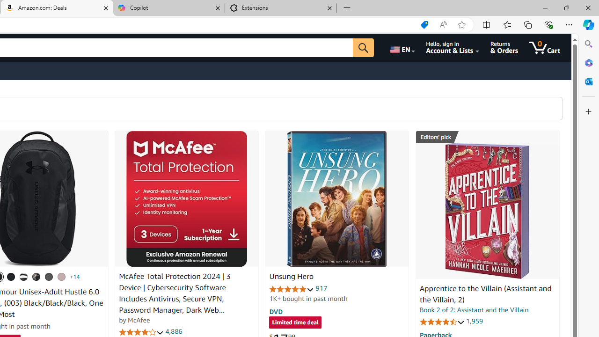 This screenshot has height=337, width=599. Describe the element at coordinates (321, 288) in the screenshot. I see `'917'` at that location.